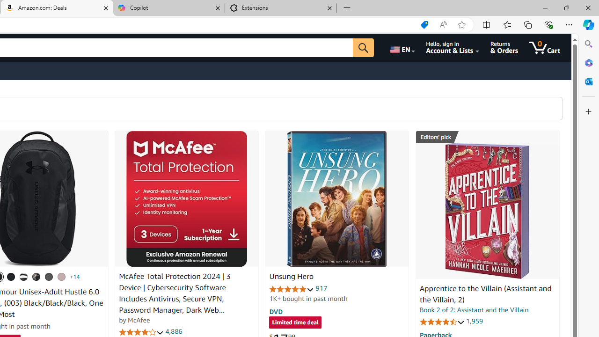 This screenshot has height=337, width=599. Describe the element at coordinates (321, 288) in the screenshot. I see `'917'` at that location.